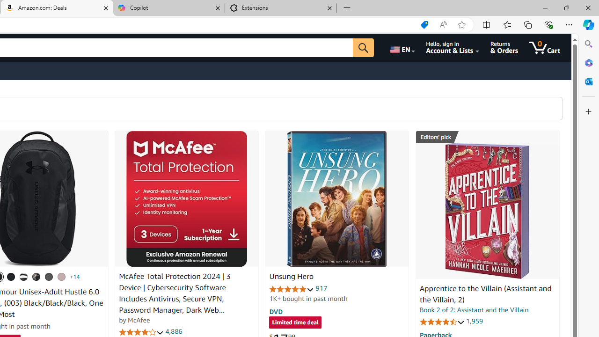 This screenshot has height=337, width=599. Describe the element at coordinates (321, 288) in the screenshot. I see `'917'` at that location.